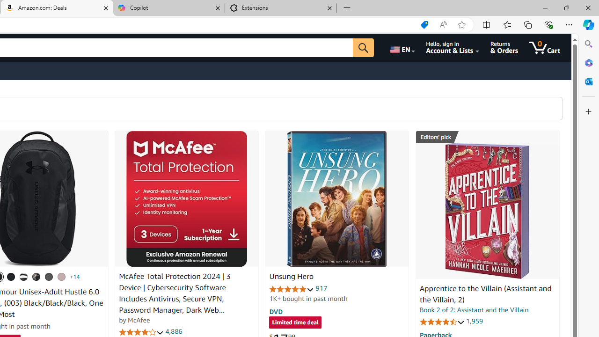 This screenshot has height=337, width=599. Describe the element at coordinates (321, 288) in the screenshot. I see `'917'` at that location.